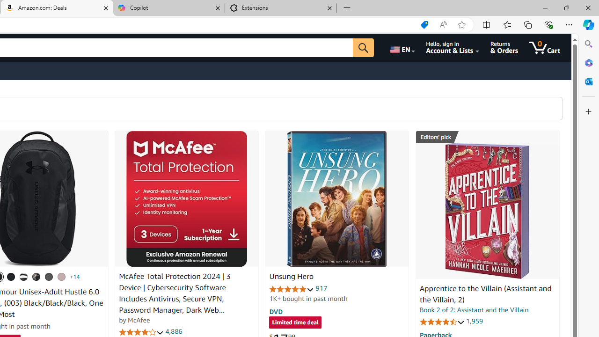 This screenshot has height=337, width=599. Describe the element at coordinates (321, 288) in the screenshot. I see `'917'` at that location.